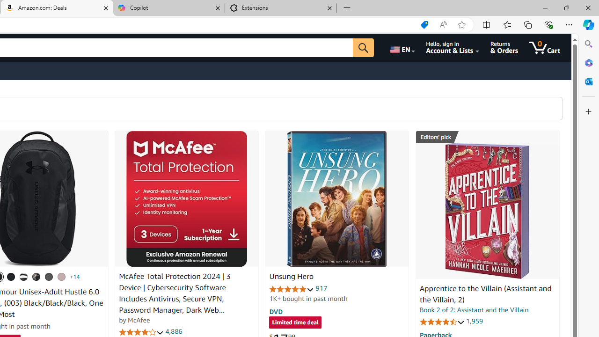 This screenshot has height=337, width=599. Describe the element at coordinates (321, 288) in the screenshot. I see `'917'` at that location.